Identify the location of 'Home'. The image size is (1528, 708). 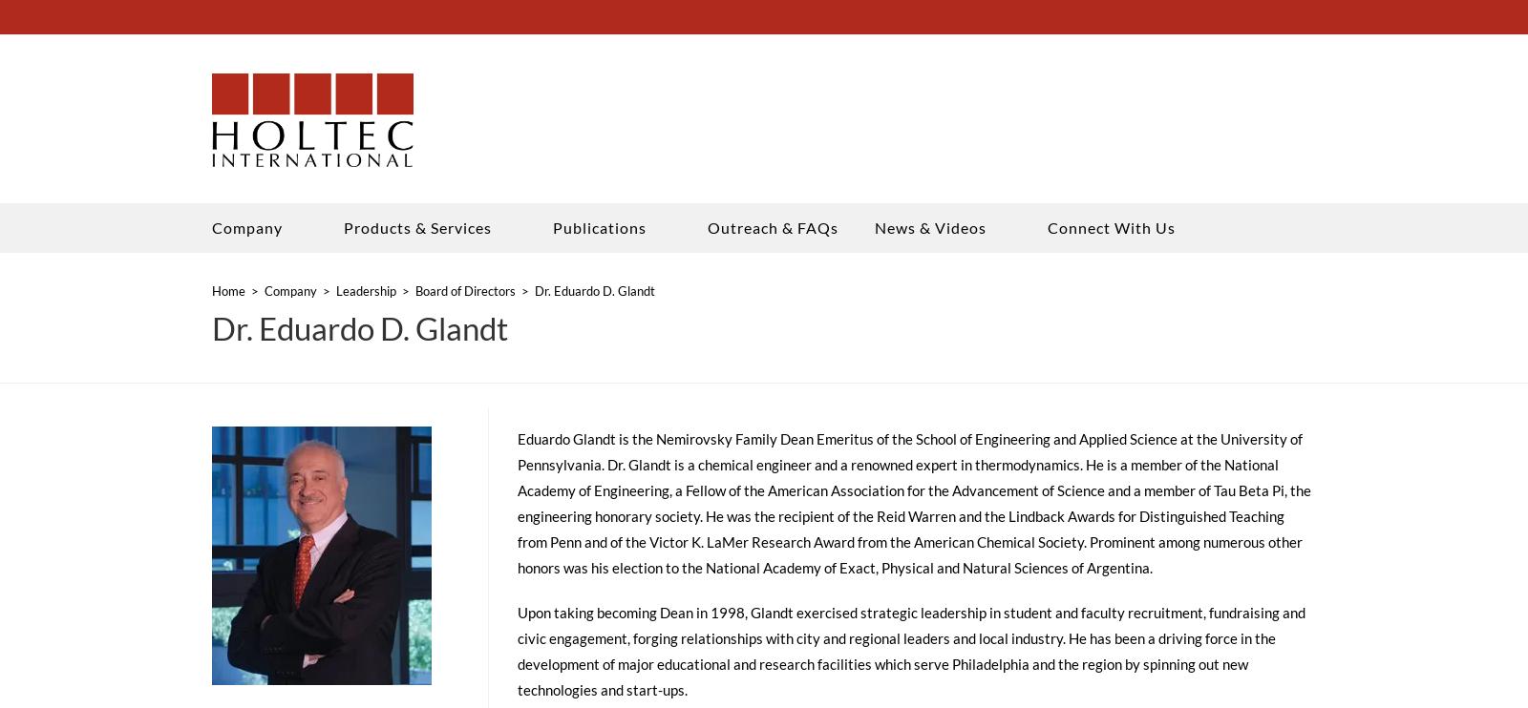
(228, 296).